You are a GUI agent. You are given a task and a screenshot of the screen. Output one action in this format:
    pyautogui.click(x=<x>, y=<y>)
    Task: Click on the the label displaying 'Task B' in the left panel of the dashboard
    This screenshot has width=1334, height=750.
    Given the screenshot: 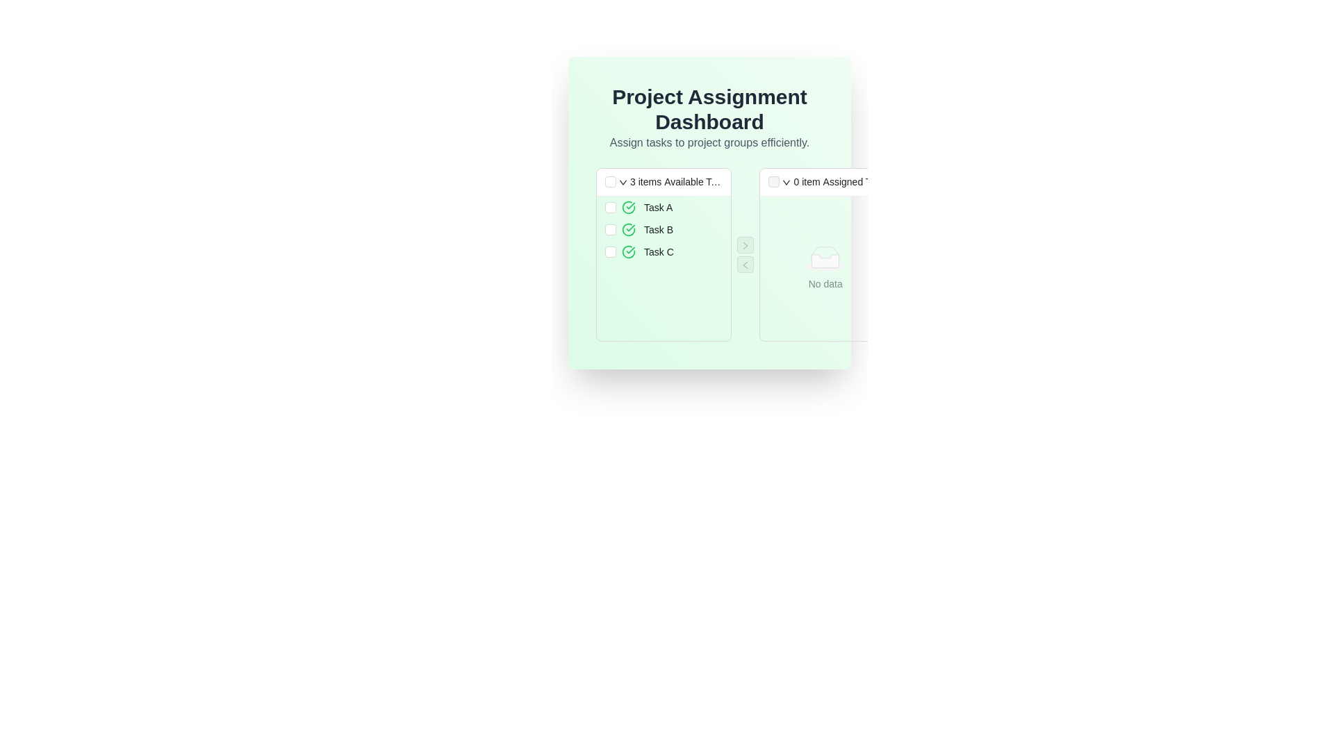 What is the action you would take?
    pyautogui.click(x=658, y=229)
    